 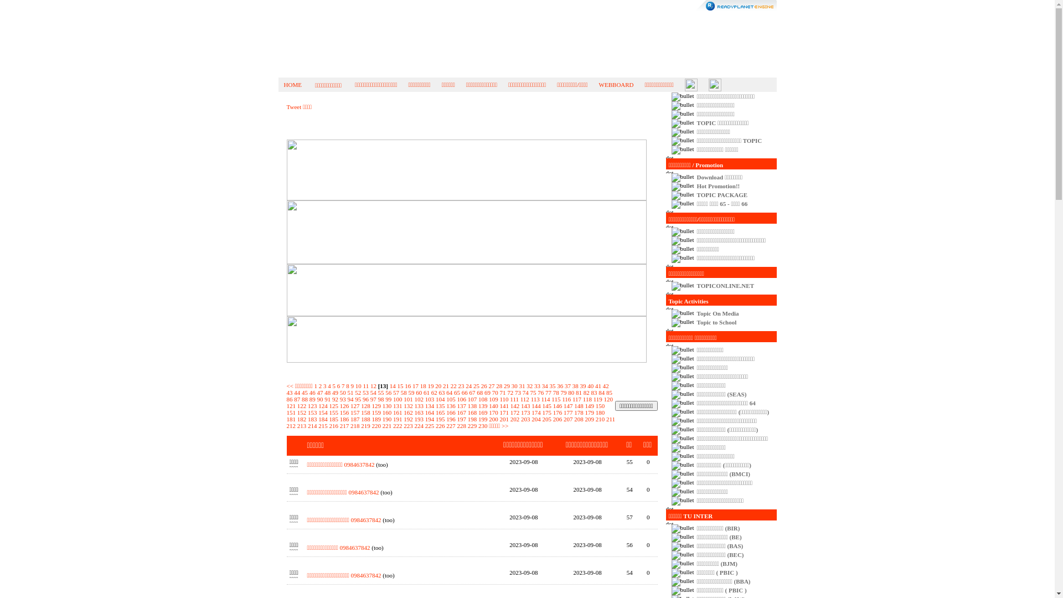 I want to click on '123', so click(x=312, y=405).